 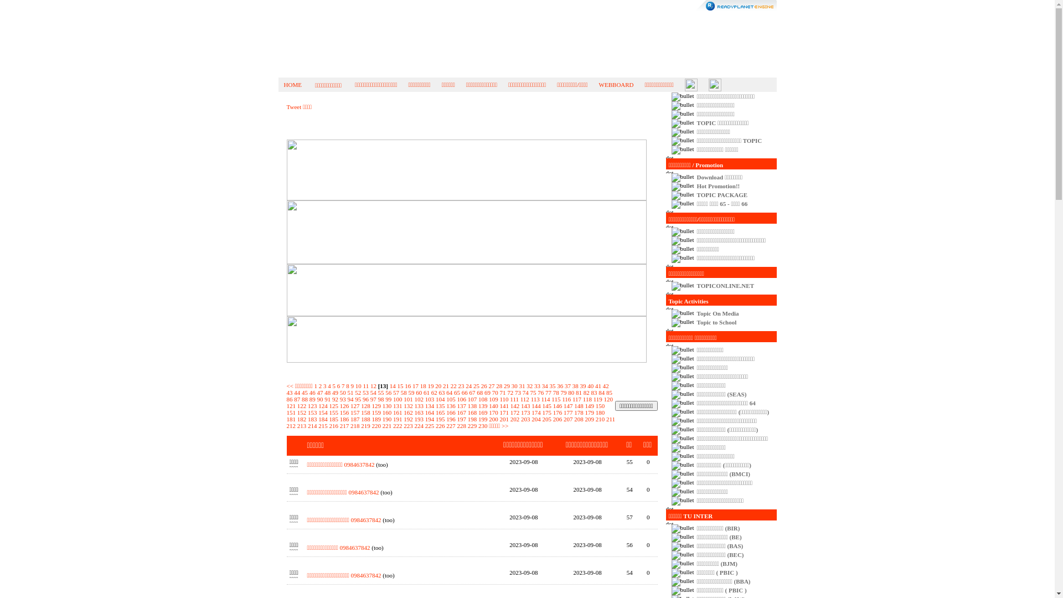 I want to click on '123', so click(x=312, y=405).